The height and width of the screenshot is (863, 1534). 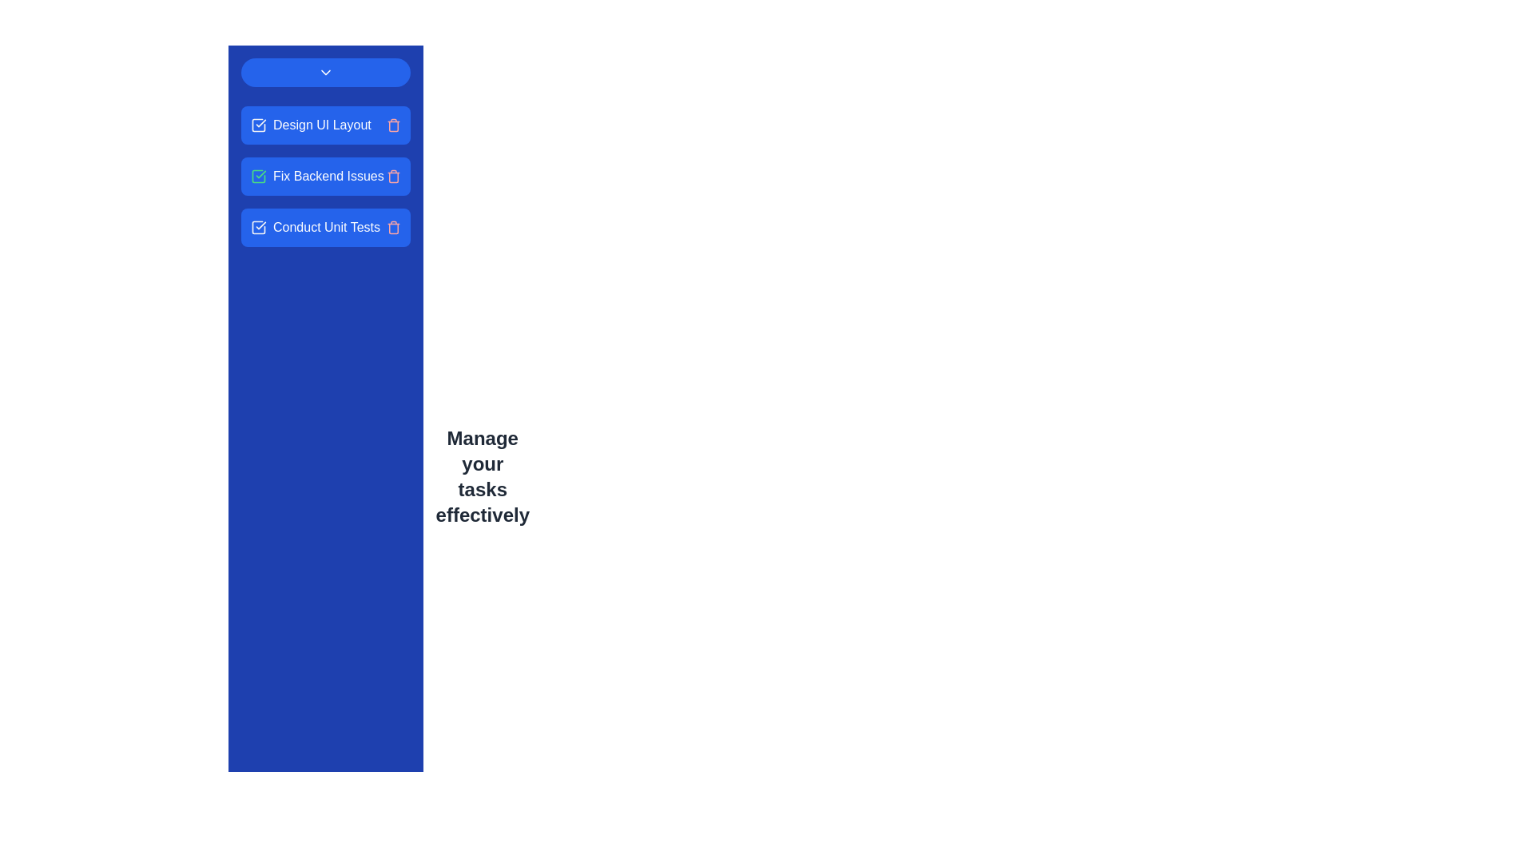 I want to click on the text label displaying 'Fix Backend Issues' in the task management system, which is styled with white font on a blue background and positioned between 'Design UI Layout' and 'Conduct Unit Tests', so click(x=328, y=176).